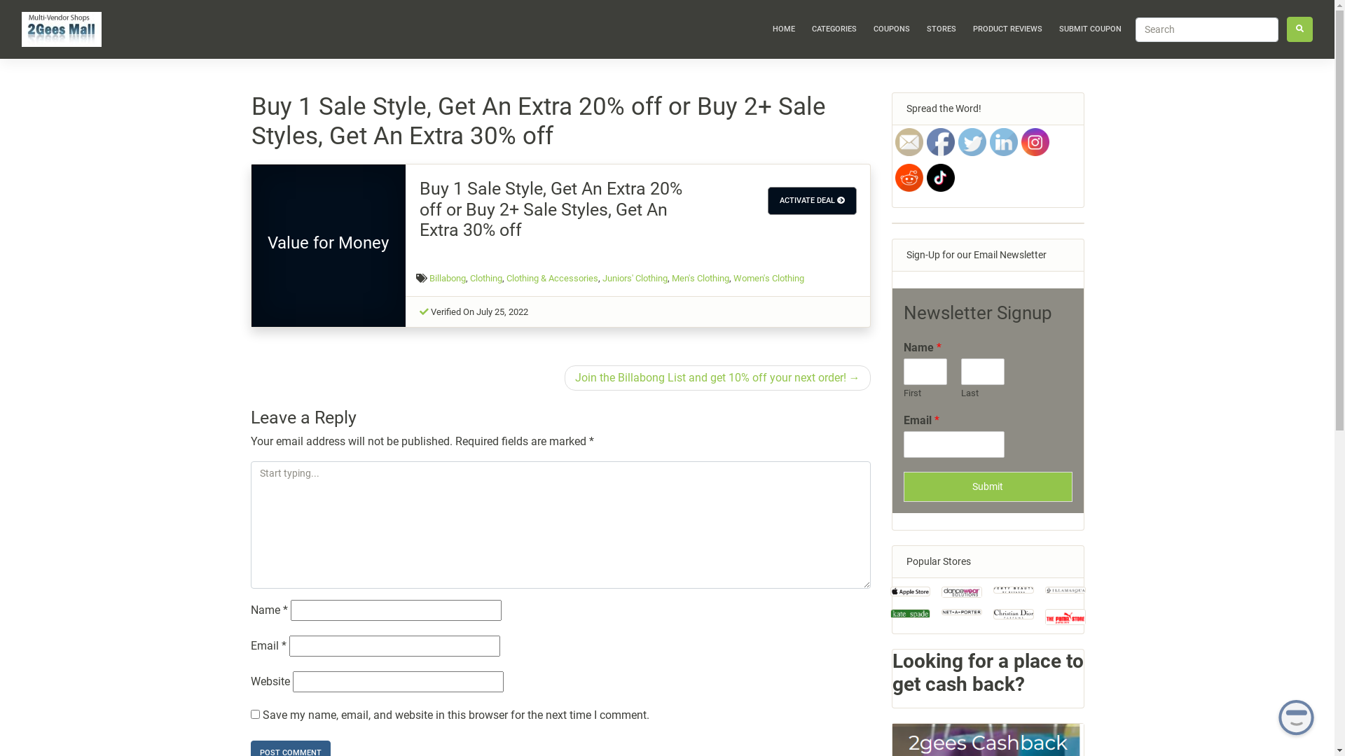  What do you see at coordinates (987, 486) in the screenshot?
I see `'Submit'` at bounding box center [987, 486].